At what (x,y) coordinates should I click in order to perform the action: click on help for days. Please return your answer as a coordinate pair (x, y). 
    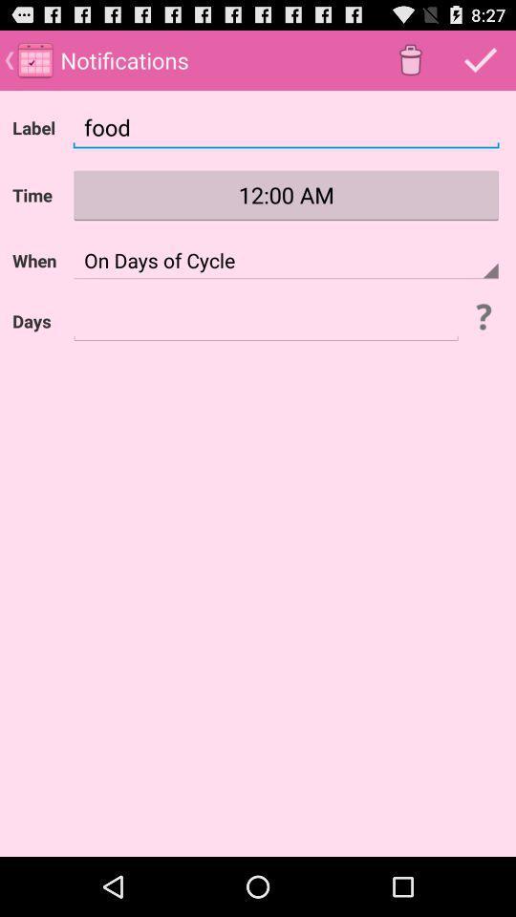
    Looking at the image, I should click on (482, 316).